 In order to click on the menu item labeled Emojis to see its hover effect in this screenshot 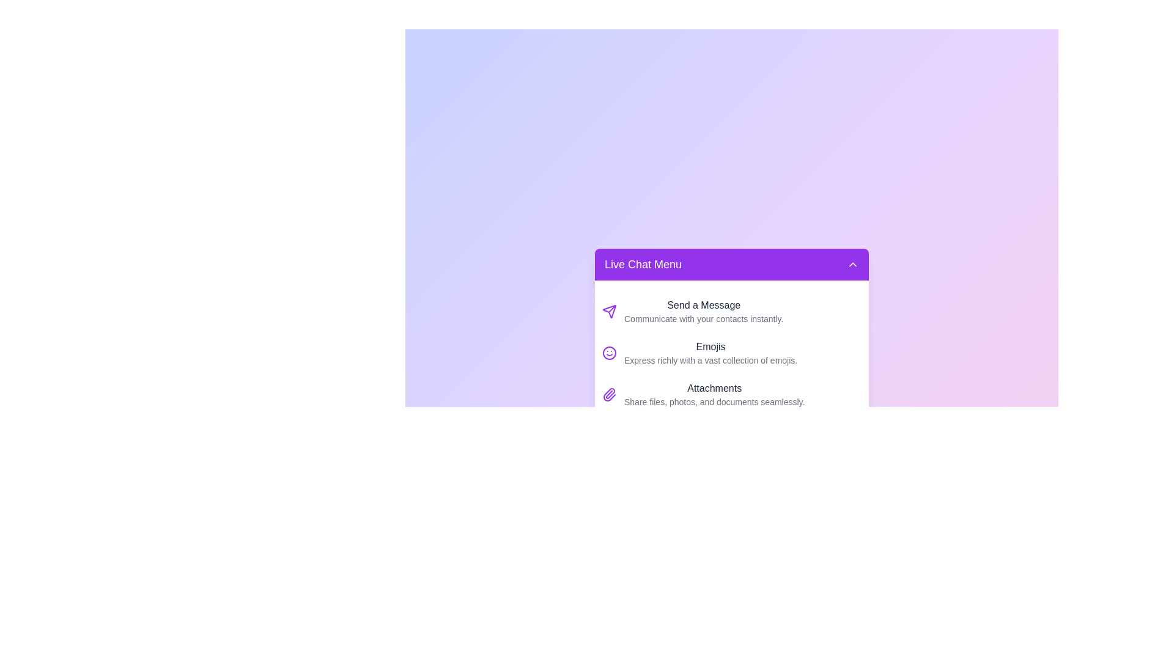, I will do `click(731, 353)`.